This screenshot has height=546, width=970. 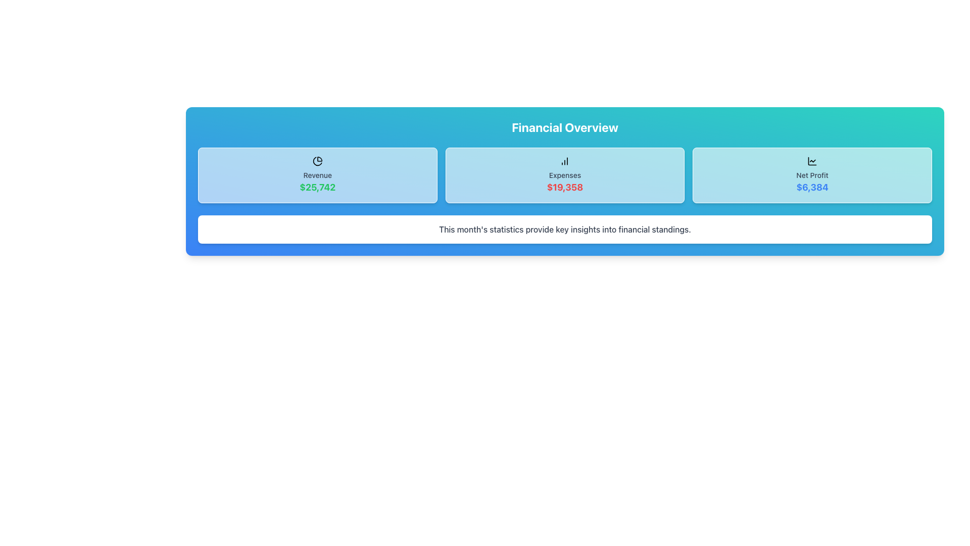 I want to click on the static text component displaying the monetary value '$25,742' in bold green font, located beneath the 'Revenue' label in the 'Financial Overview' section, so click(x=317, y=187).